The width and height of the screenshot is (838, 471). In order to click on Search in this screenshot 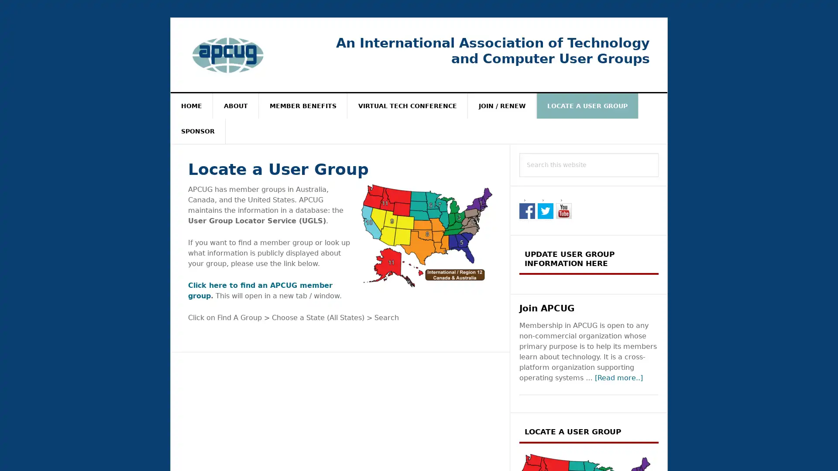, I will do `click(659, 152)`.